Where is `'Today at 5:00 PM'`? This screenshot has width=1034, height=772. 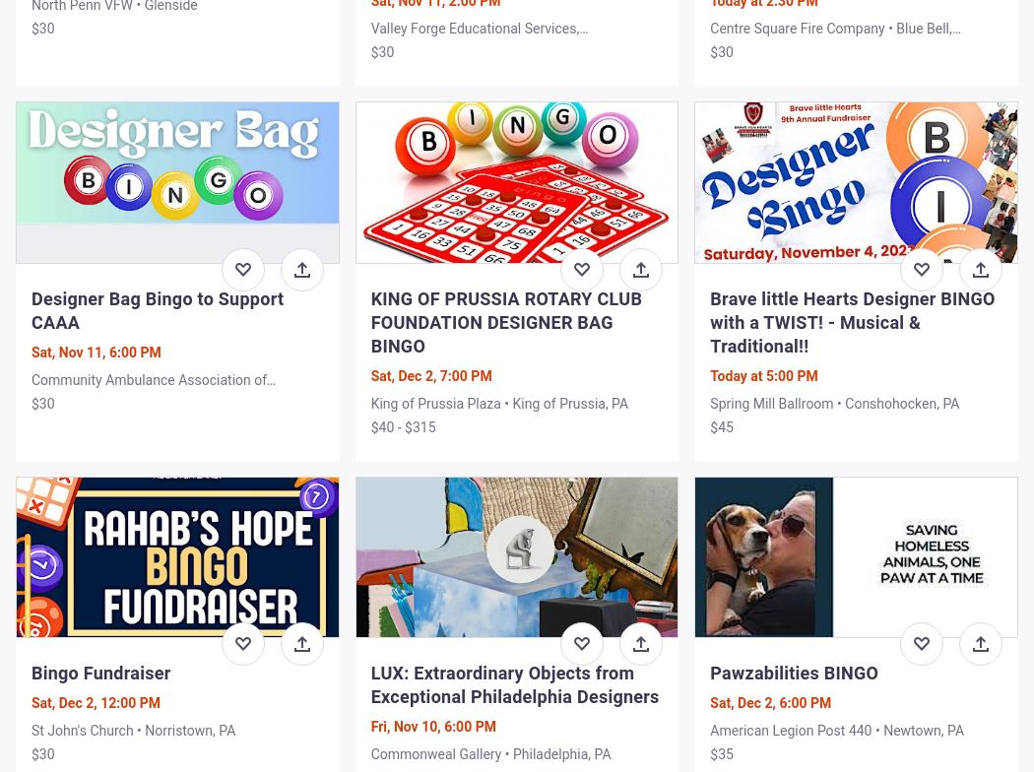
'Today at 5:00 PM' is located at coordinates (763, 375).